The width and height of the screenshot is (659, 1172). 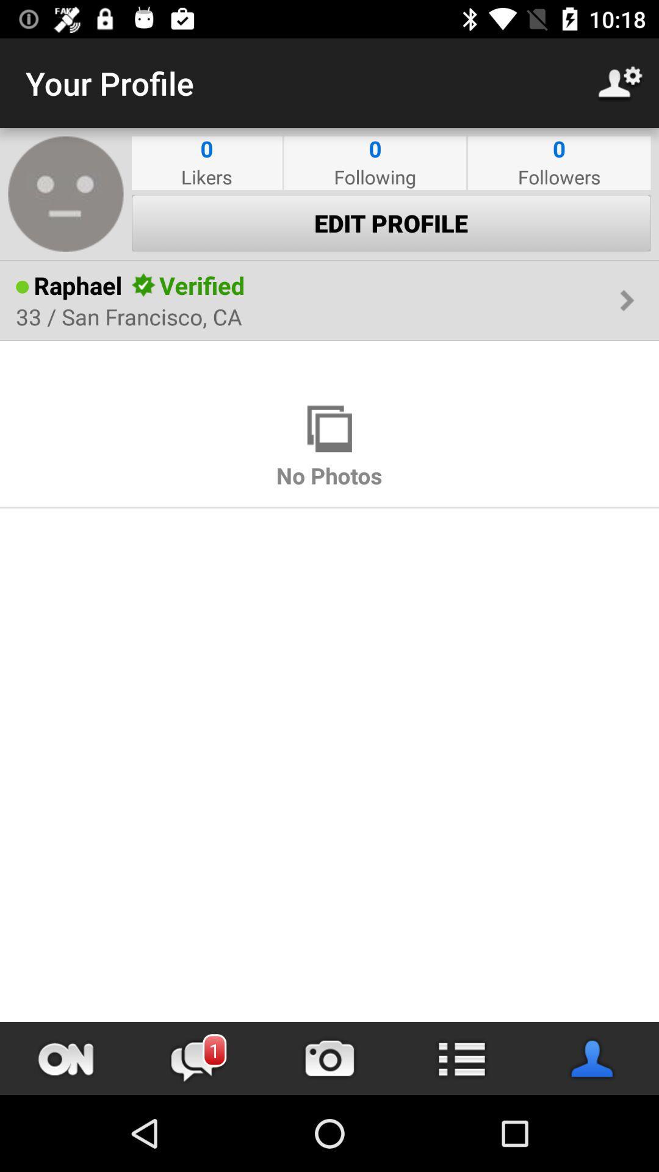 I want to click on the icon next to edit profile icon, so click(x=66, y=193).